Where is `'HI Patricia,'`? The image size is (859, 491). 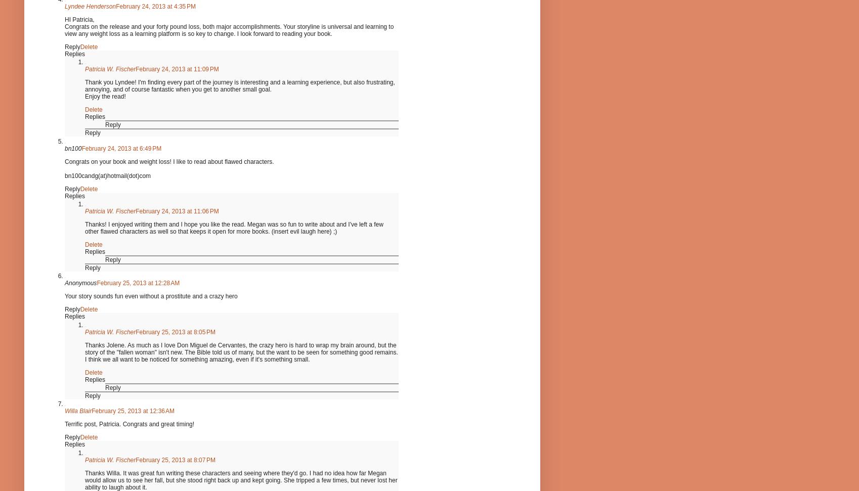
'HI Patricia,' is located at coordinates (79, 19).